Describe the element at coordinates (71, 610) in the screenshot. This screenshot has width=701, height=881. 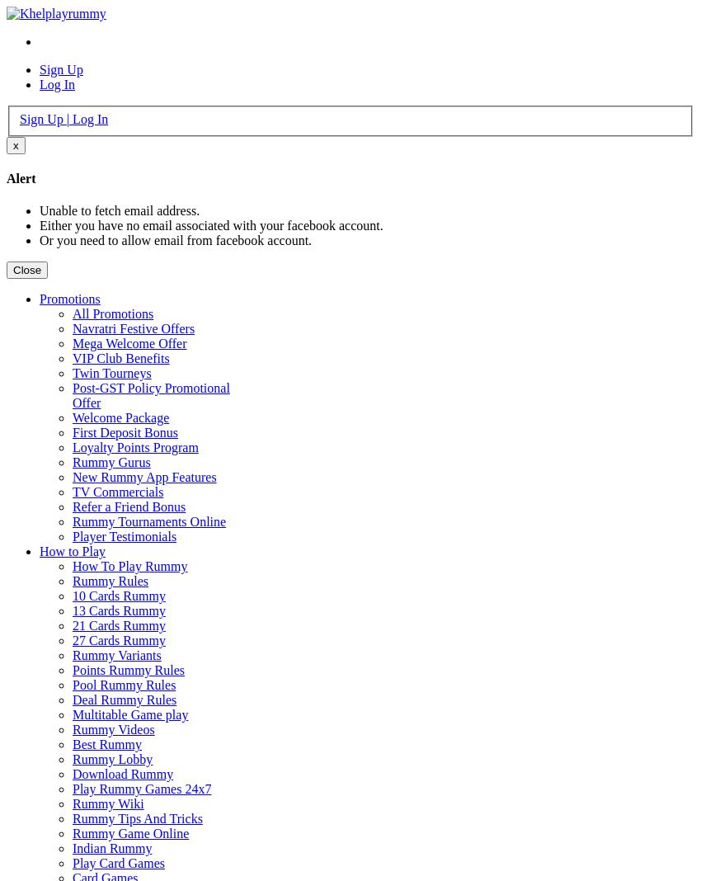
I see `'13 Cards Rummy'` at that location.